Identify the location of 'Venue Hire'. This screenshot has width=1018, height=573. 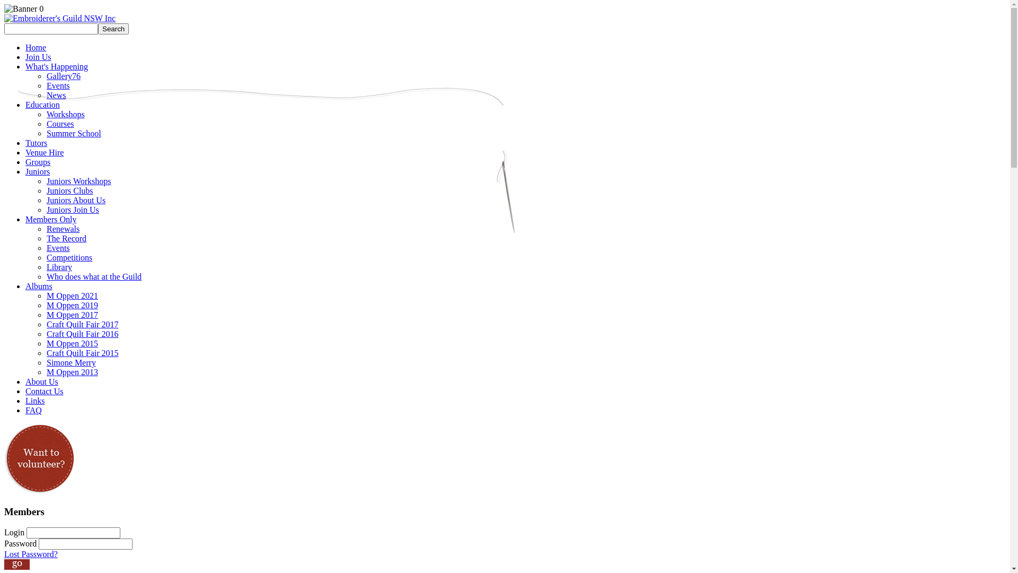
(43, 152).